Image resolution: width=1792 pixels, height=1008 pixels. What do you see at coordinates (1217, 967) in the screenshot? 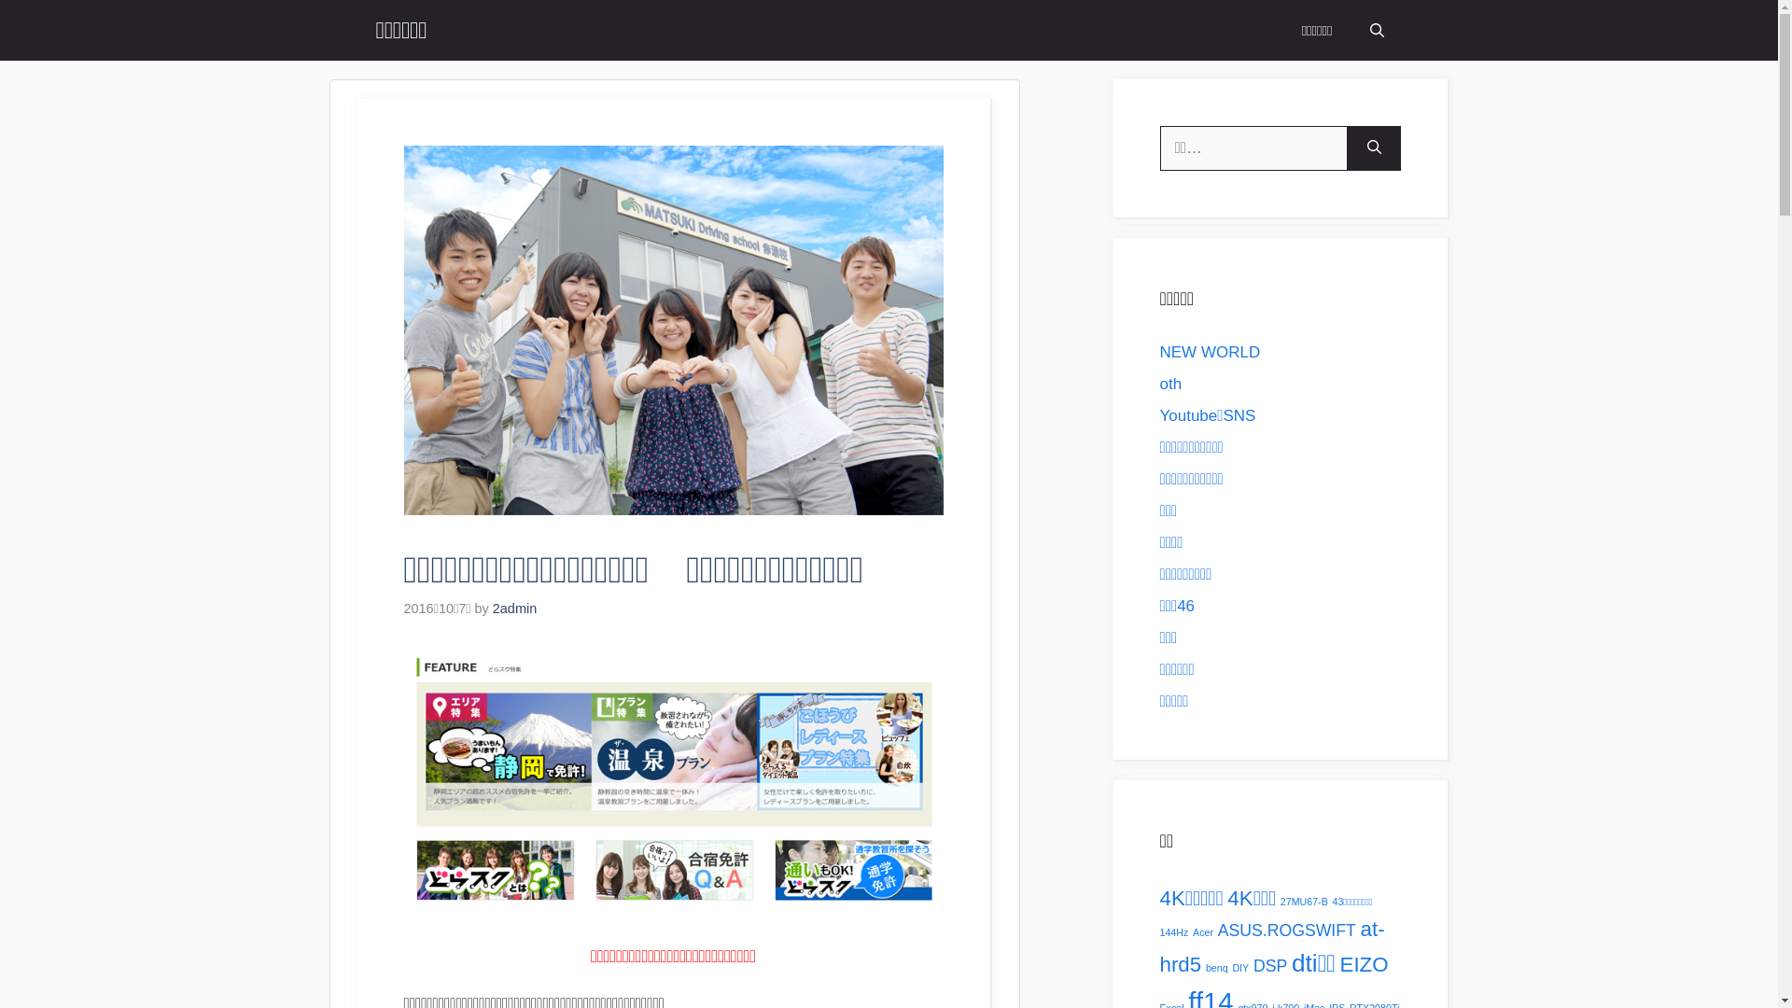
I see `'benq'` at bounding box center [1217, 967].